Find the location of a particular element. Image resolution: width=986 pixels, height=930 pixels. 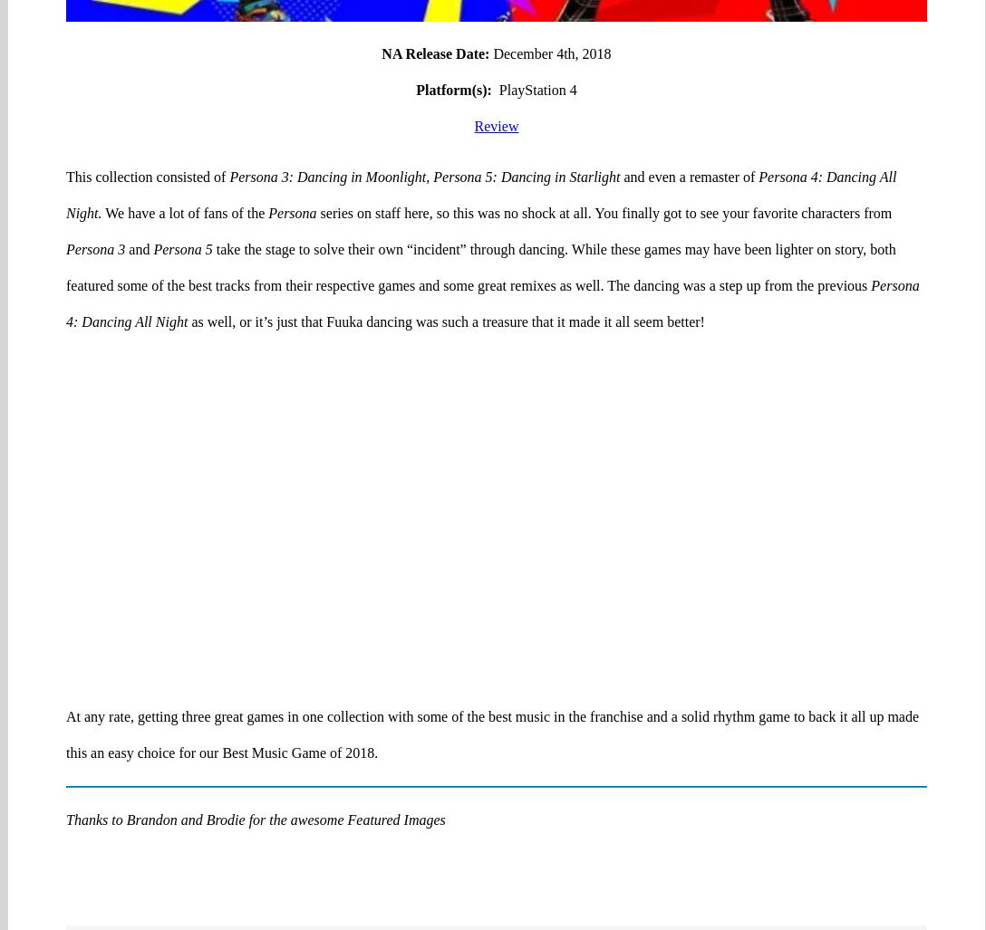

'We have a lot of fans of the' is located at coordinates (184, 142).